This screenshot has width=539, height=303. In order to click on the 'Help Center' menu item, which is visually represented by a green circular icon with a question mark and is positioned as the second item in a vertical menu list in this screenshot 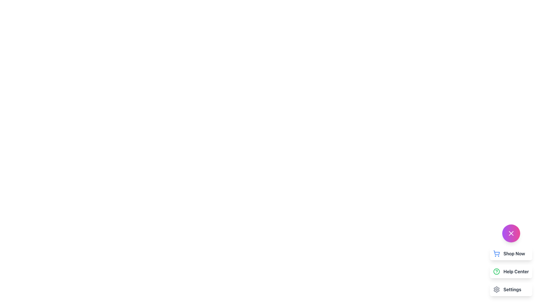, I will do `click(511, 271)`.